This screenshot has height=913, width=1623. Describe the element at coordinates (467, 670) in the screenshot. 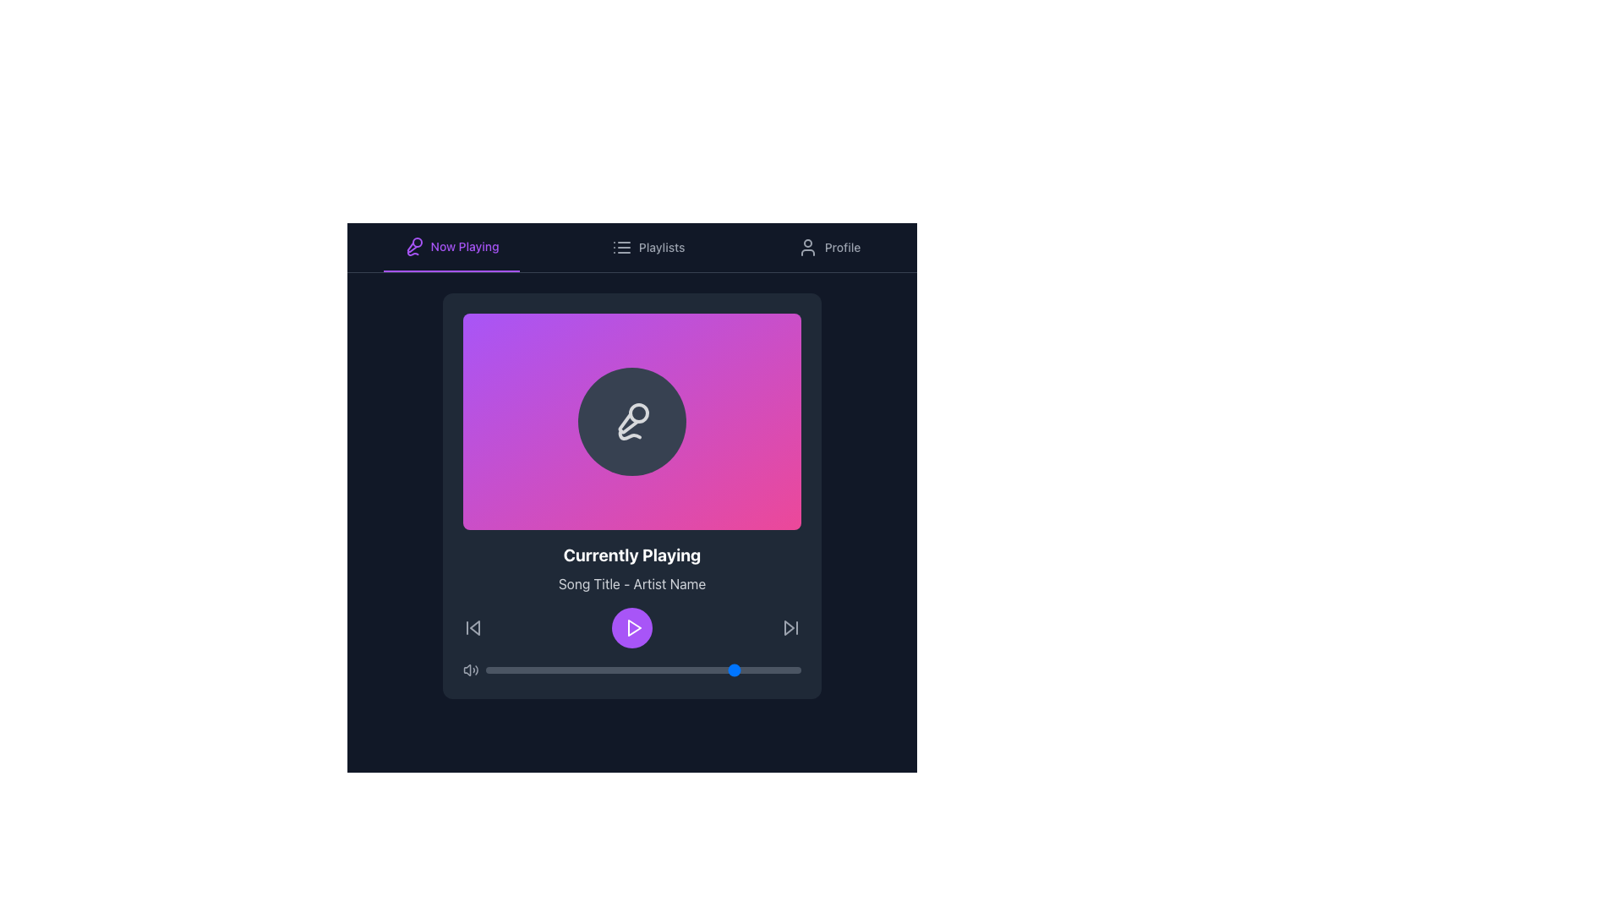

I see `the muted state SVG element of the volume control icon located at the bottom-left corner of the media playback interface` at that location.